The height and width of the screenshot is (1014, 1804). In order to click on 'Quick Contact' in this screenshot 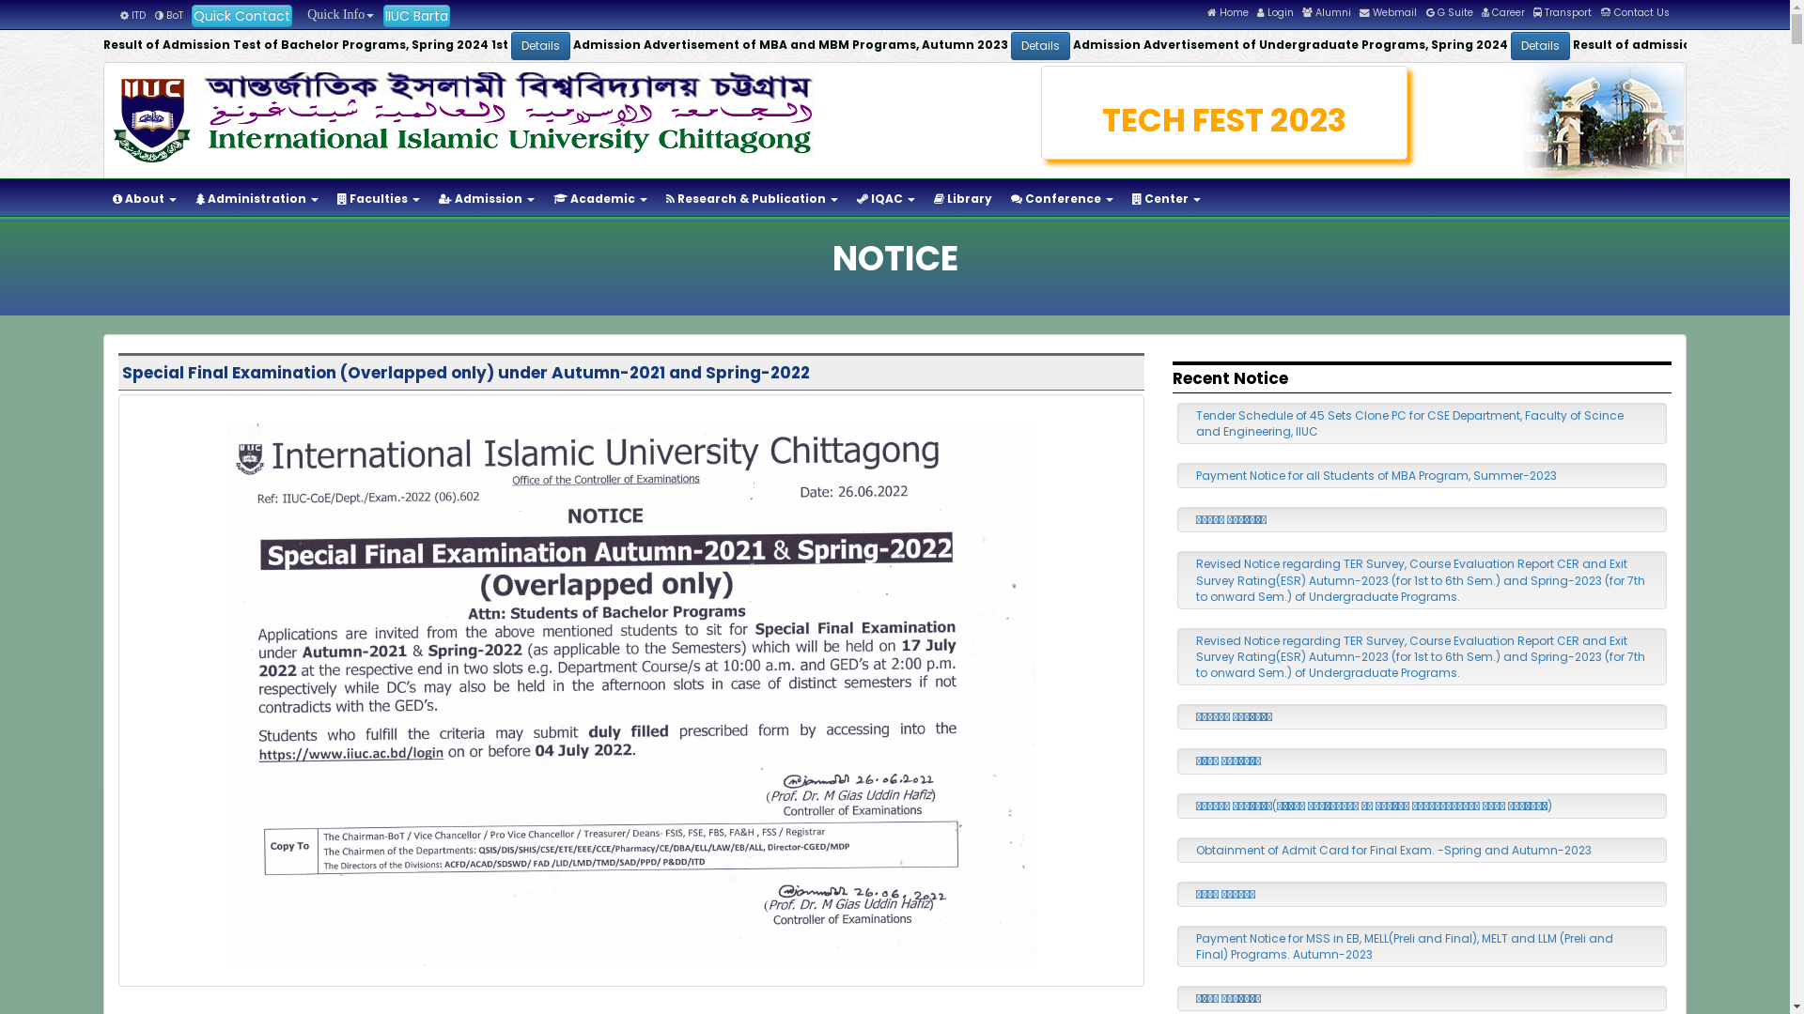, I will do `click(191, 15)`.